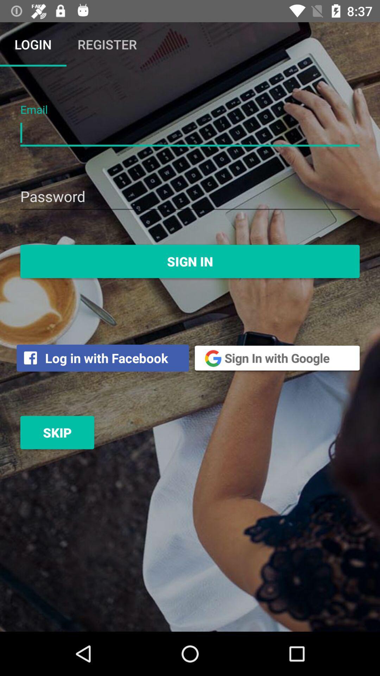  I want to click on login password, so click(190, 197).